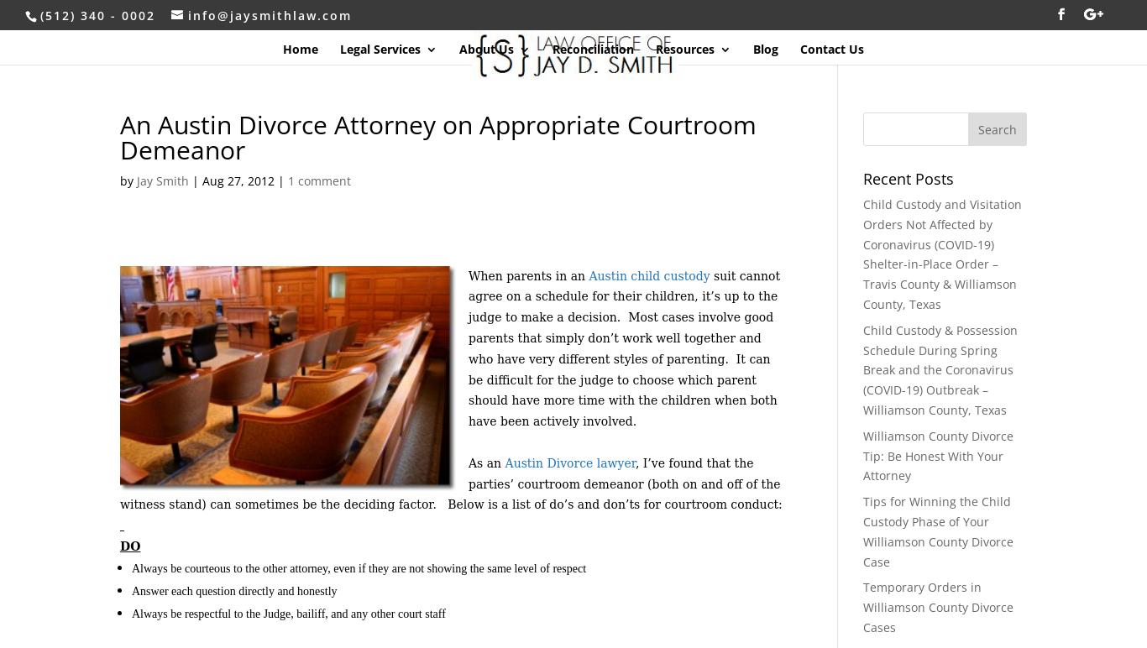 The image size is (1147, 648). What do you see at coordinates (936, 455) in the screenshot?
I see `'Williamson County Divorce Tip: Be Honest With Your Attorney'` at bounding box center [936, 455].